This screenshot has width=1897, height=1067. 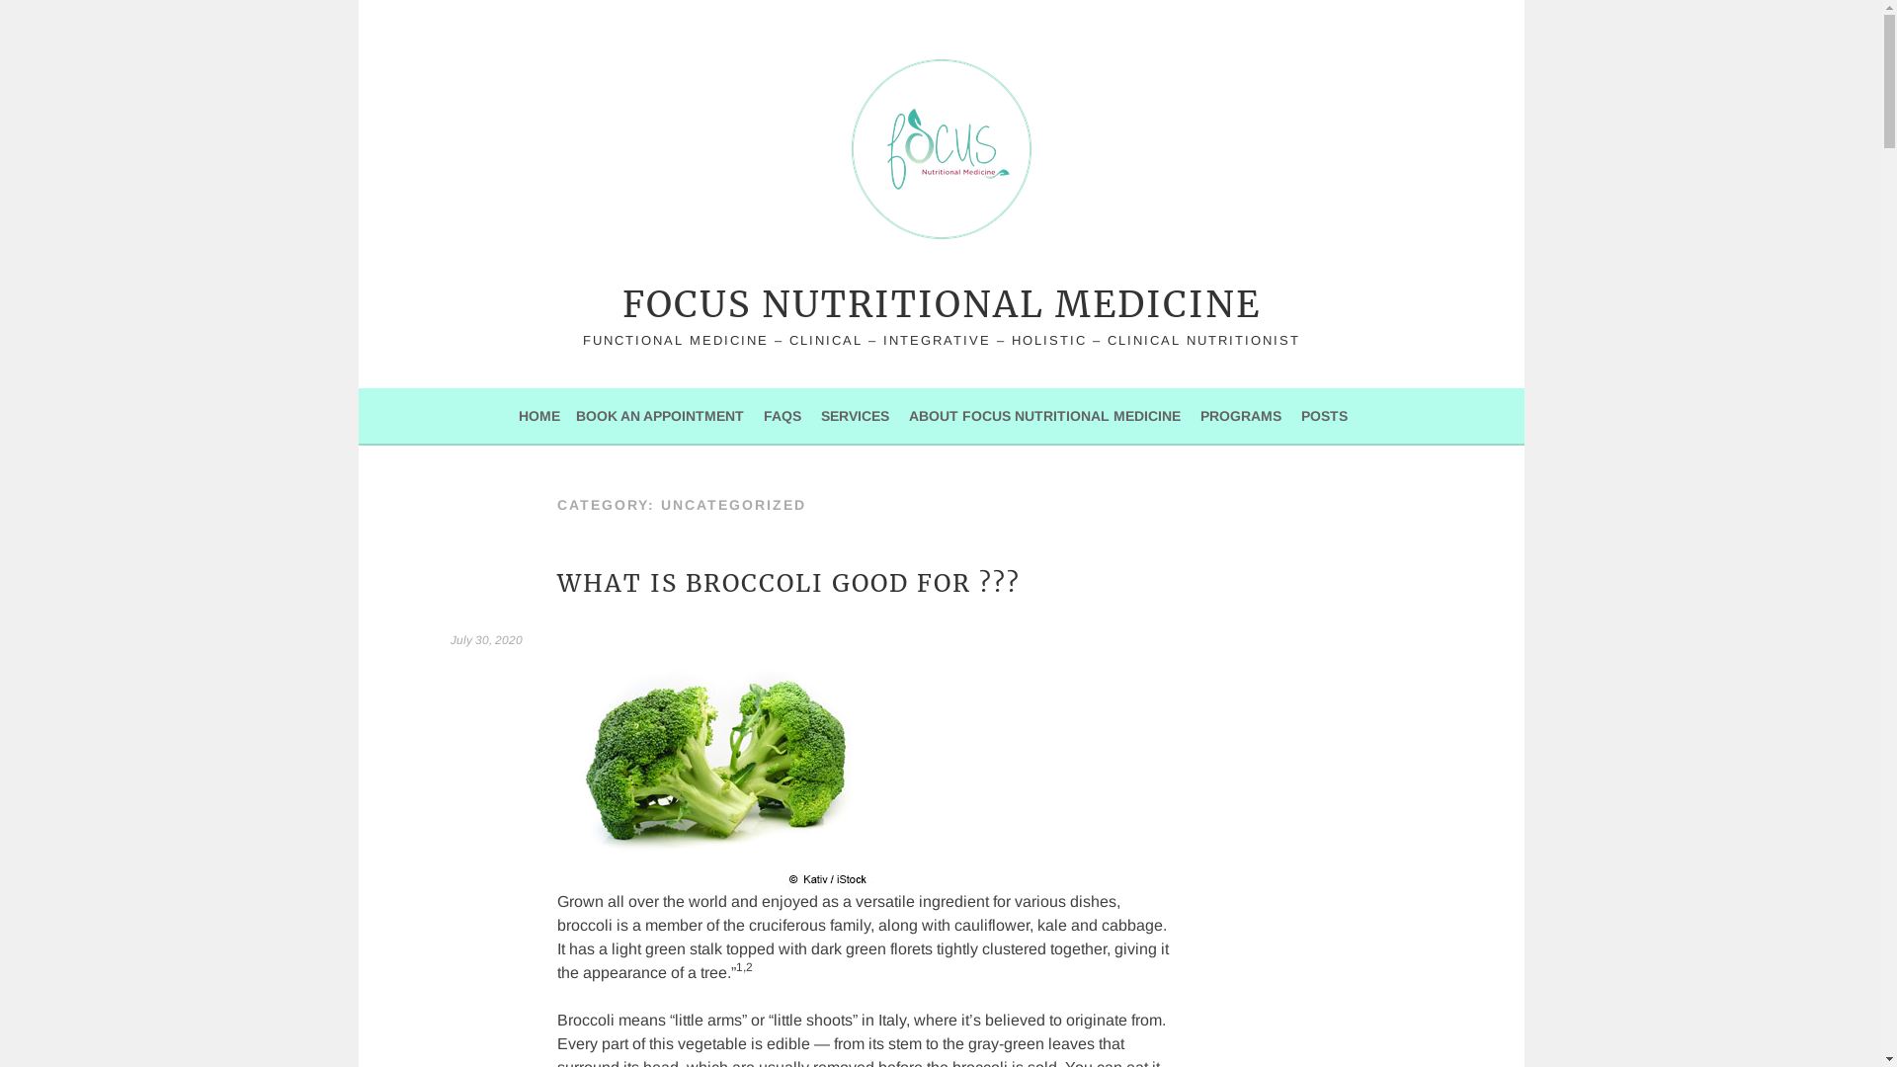 I want to click on 'BOOK AN APPOINTMENT', so click(x=659, y=414).